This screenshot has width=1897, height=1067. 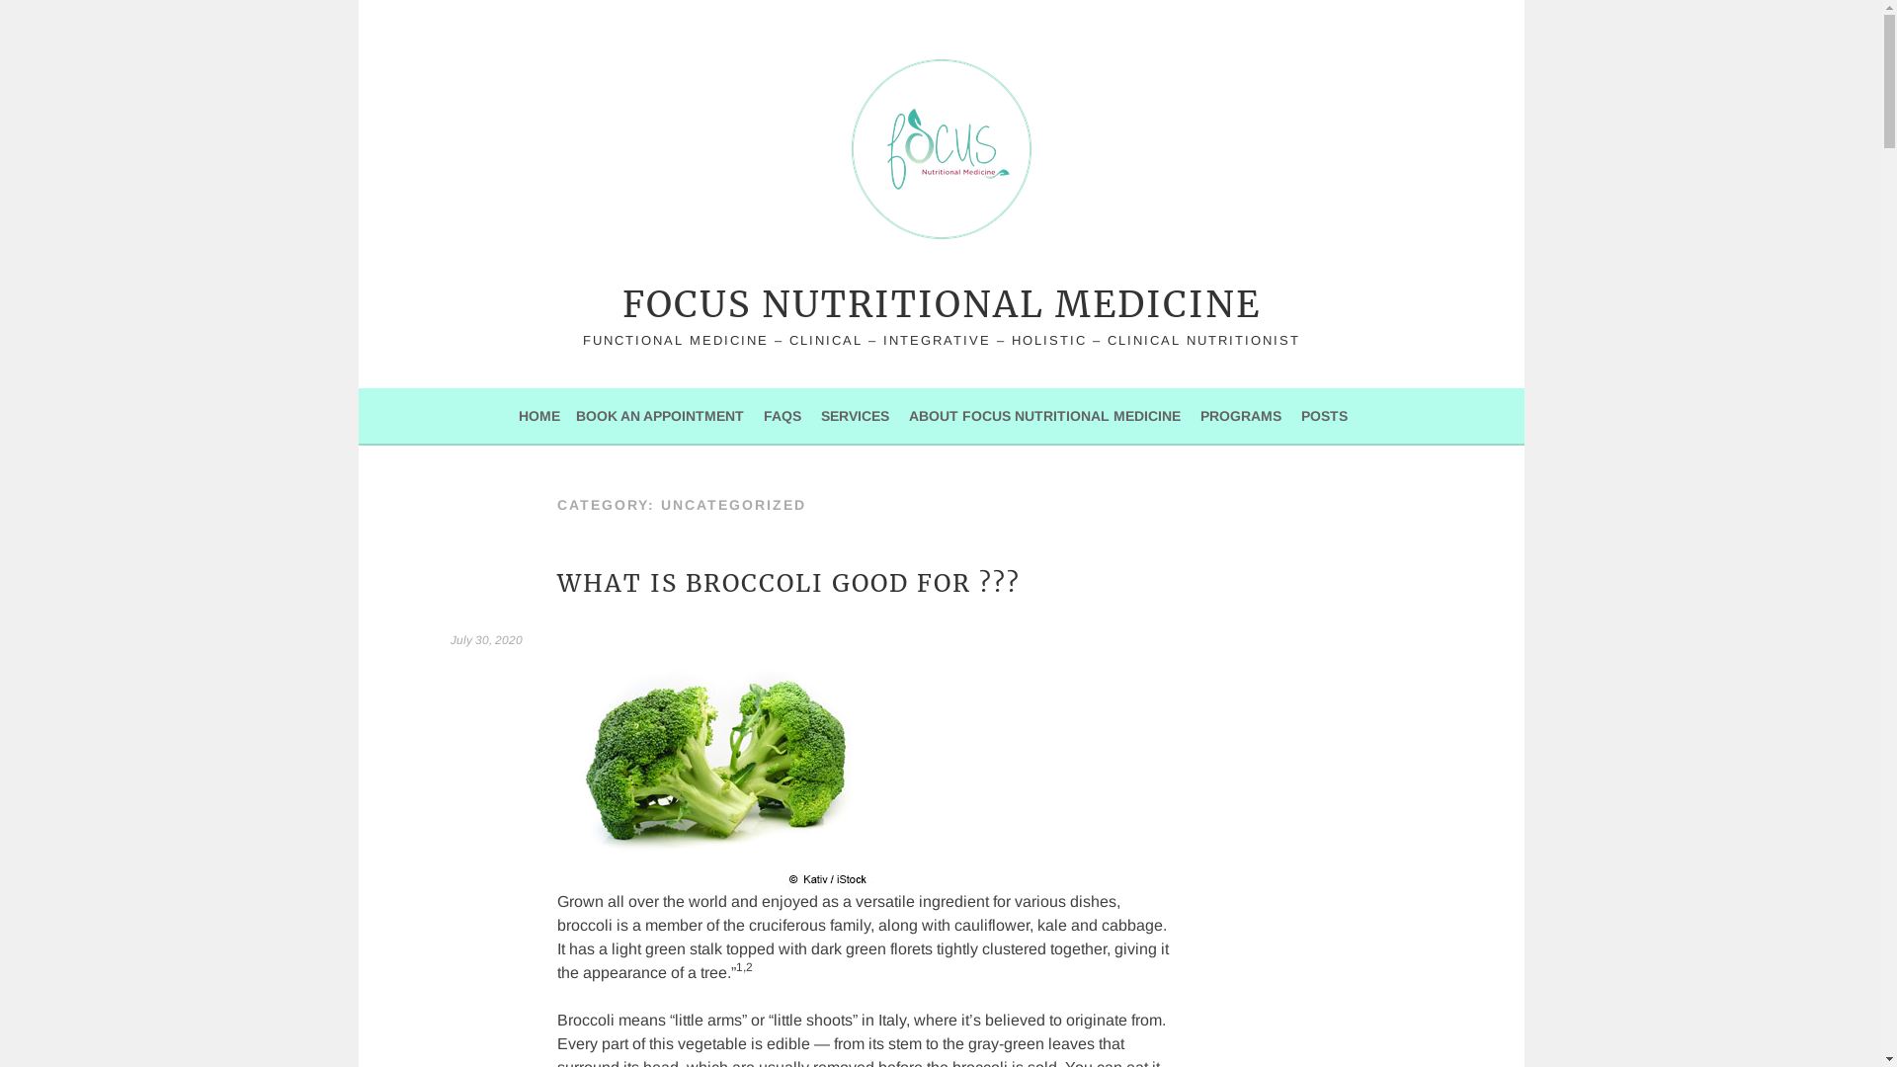 I want to click on 'BOOK AN APPOINTMENT', so click(x=659, y=414).